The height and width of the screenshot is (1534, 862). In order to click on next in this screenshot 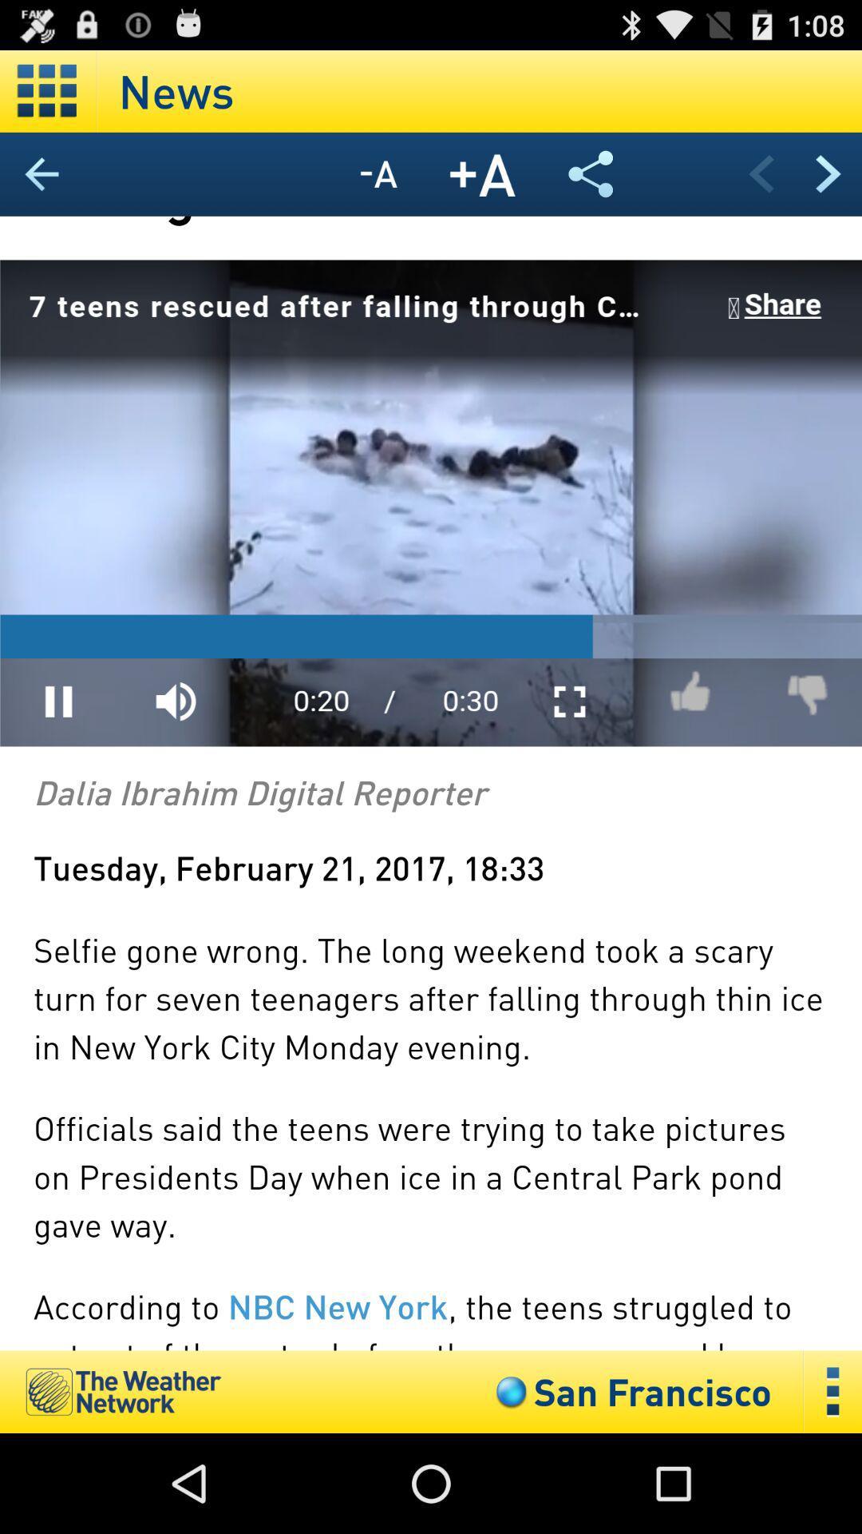, I will do `click(827, 173)`.